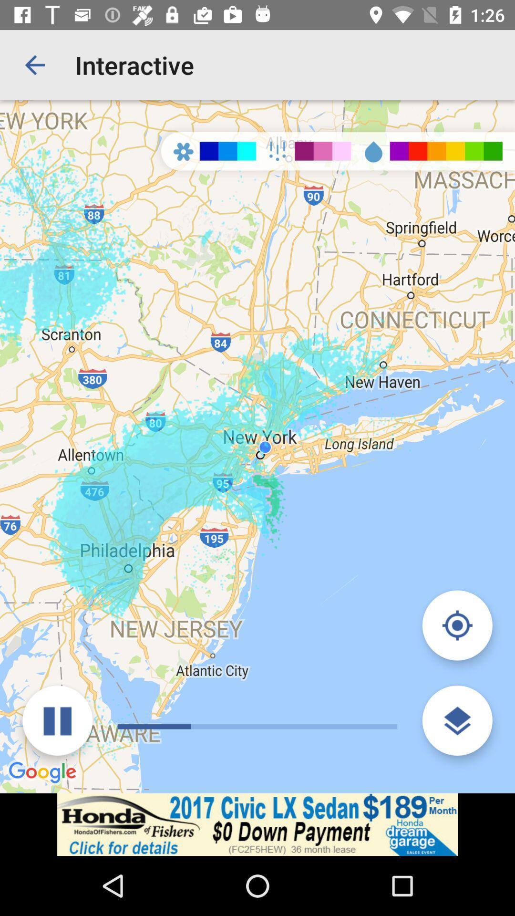 Image resolution: width=515 pixels, height=916 pixels. Describe the element at coordinates (57, 720) in the screenshot. I see `pause the video` at that location.